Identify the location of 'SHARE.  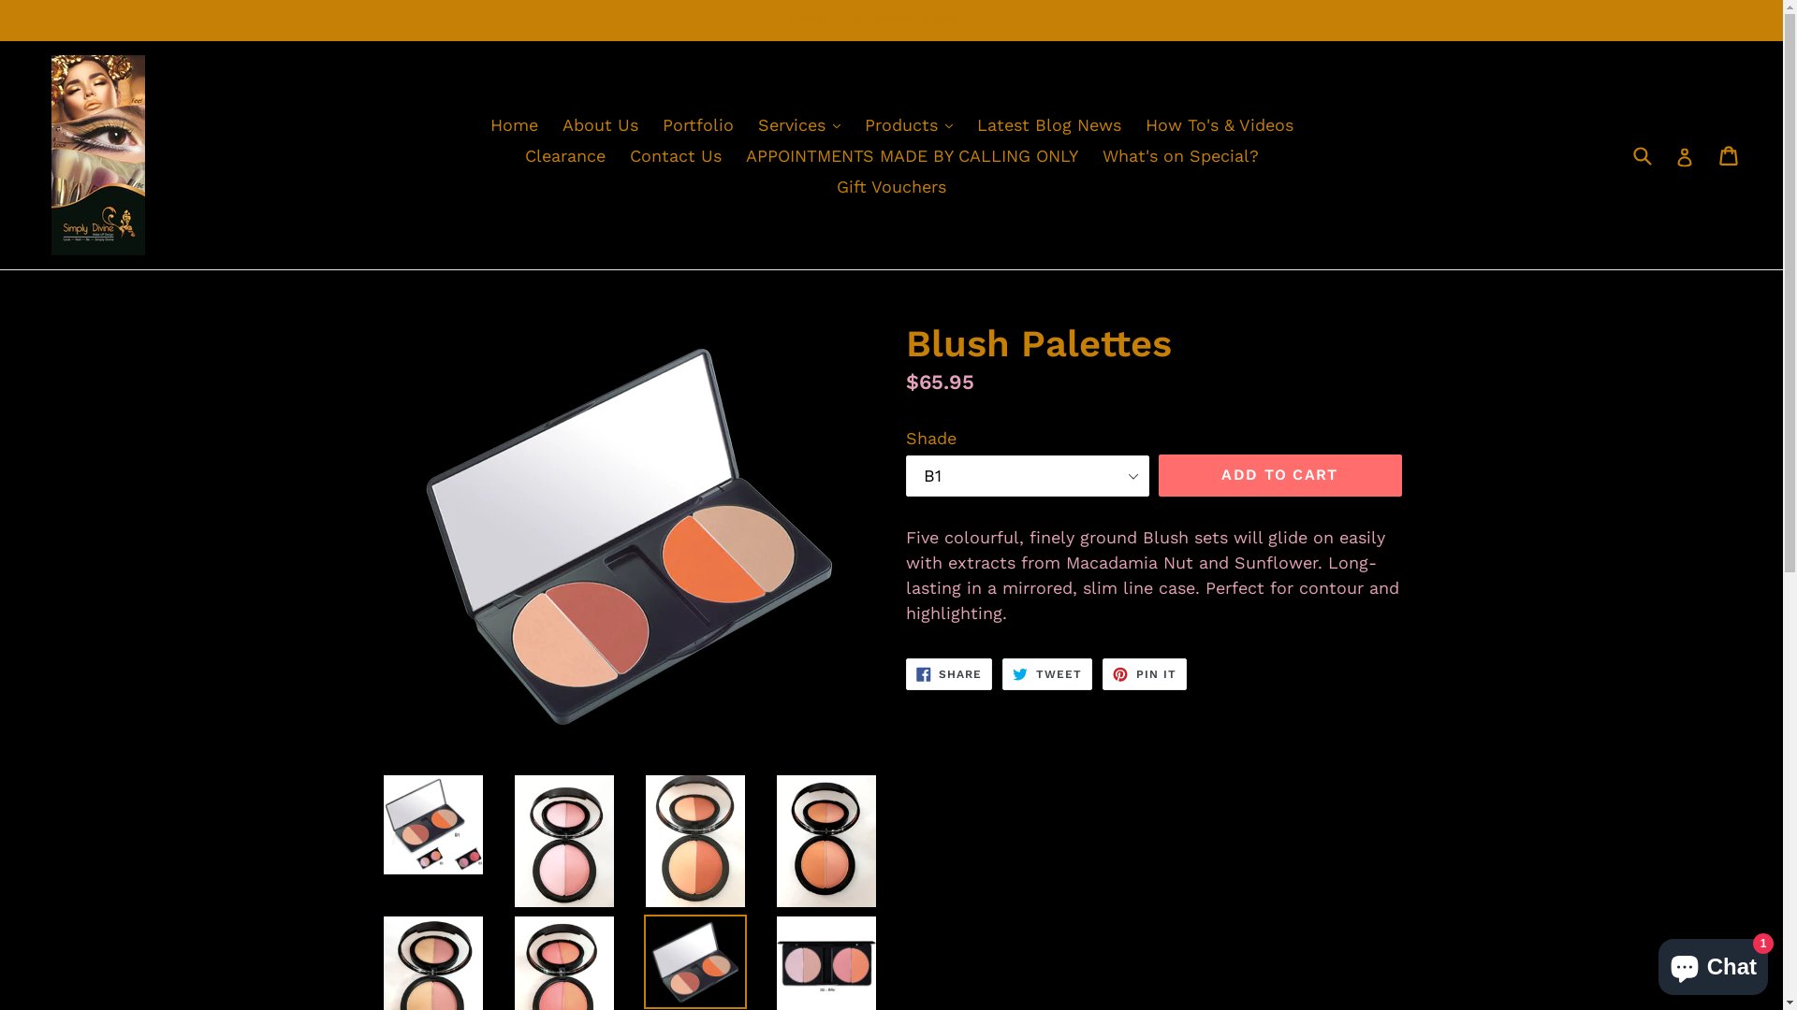
(949, 674).